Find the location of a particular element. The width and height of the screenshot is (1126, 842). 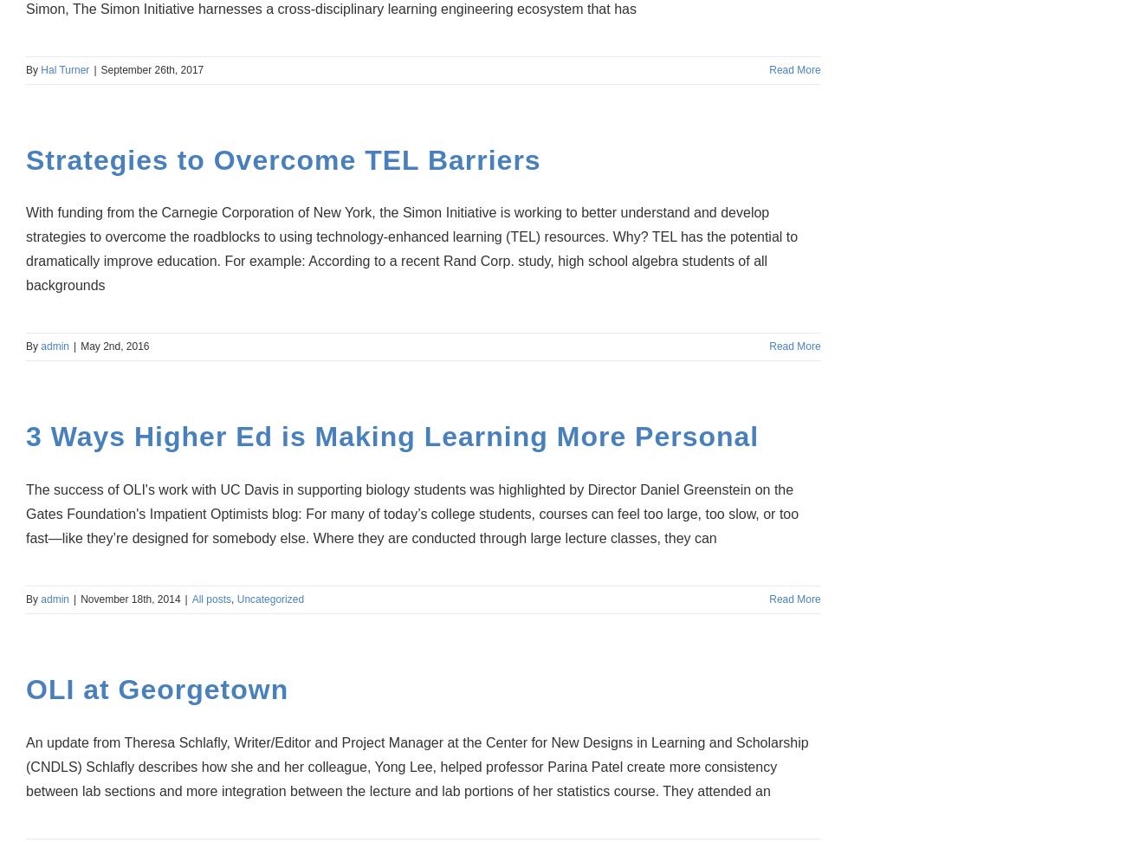

'3 Ways Higher Ed is Making Learning More Personal' is located at coordinates (392, 436).